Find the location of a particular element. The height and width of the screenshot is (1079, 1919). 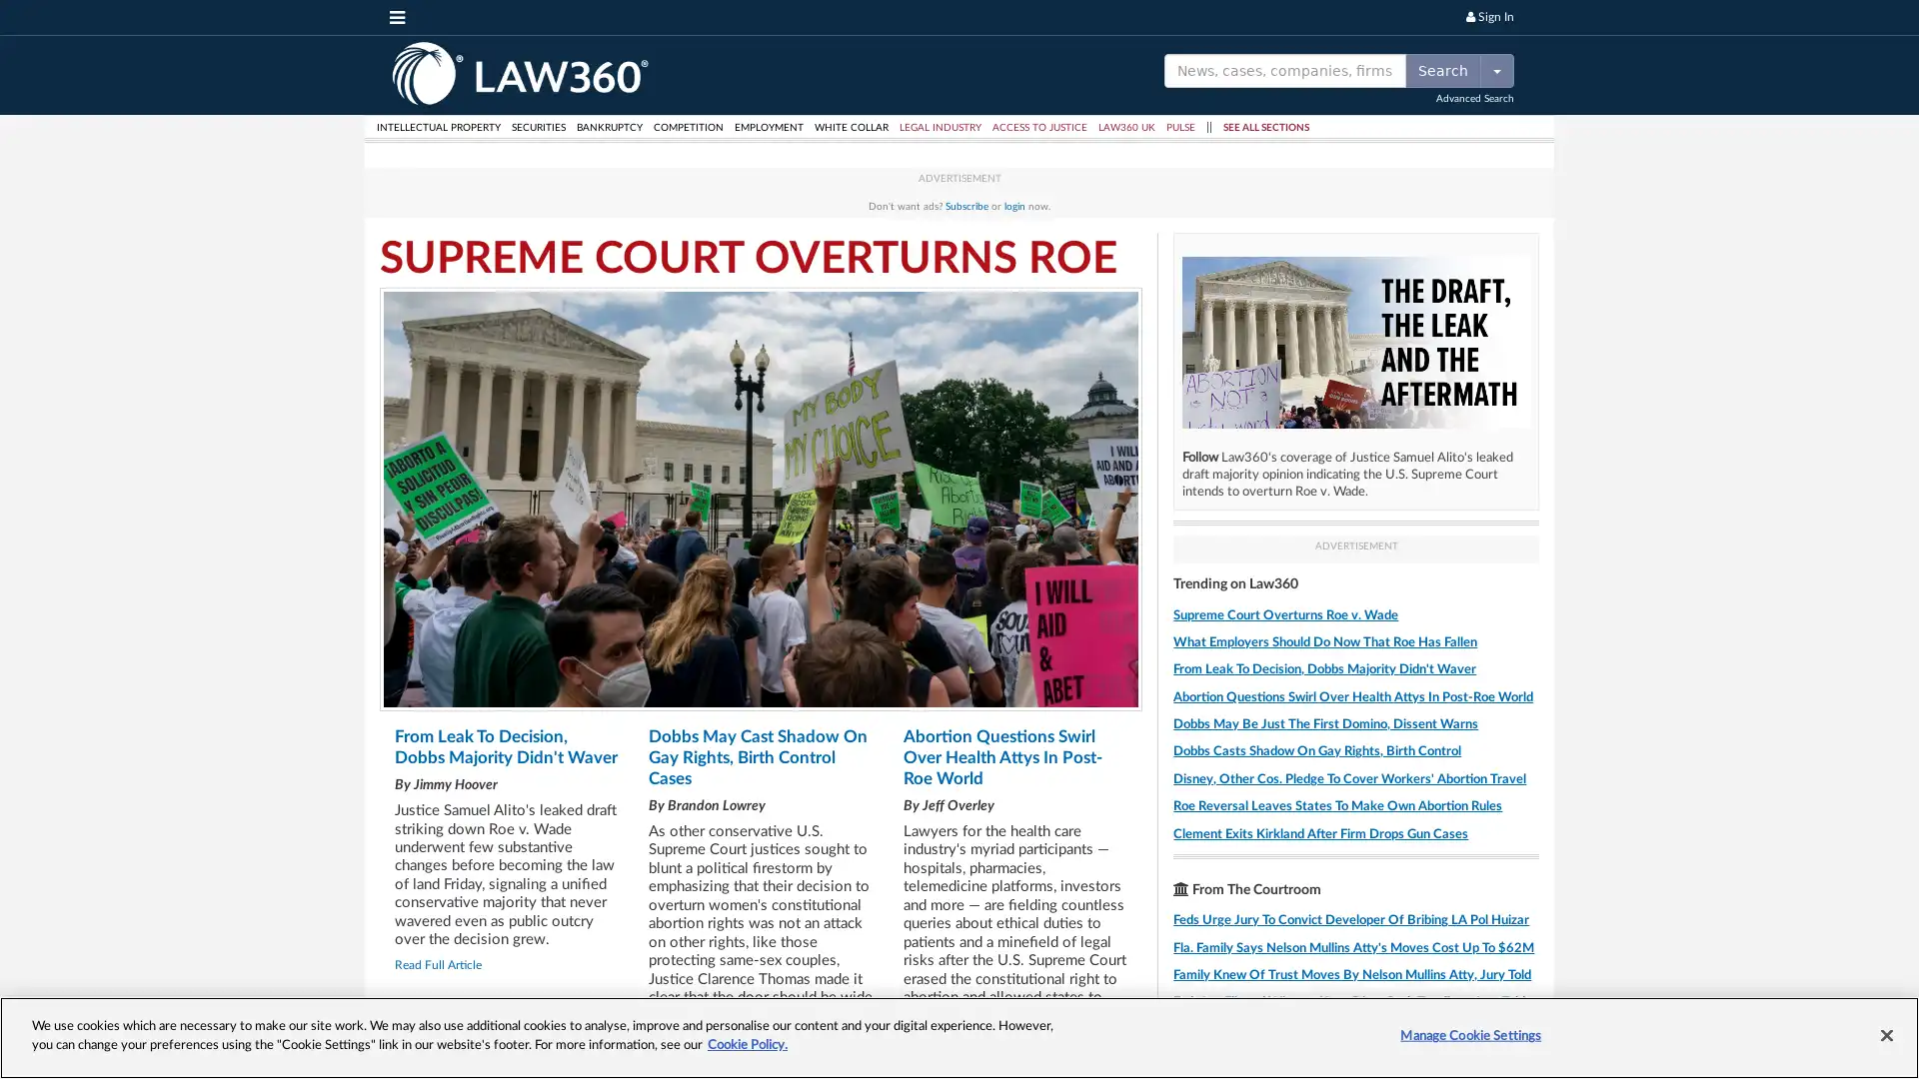

Manage Cookie Settings is located at coordinates (1470, 1035).